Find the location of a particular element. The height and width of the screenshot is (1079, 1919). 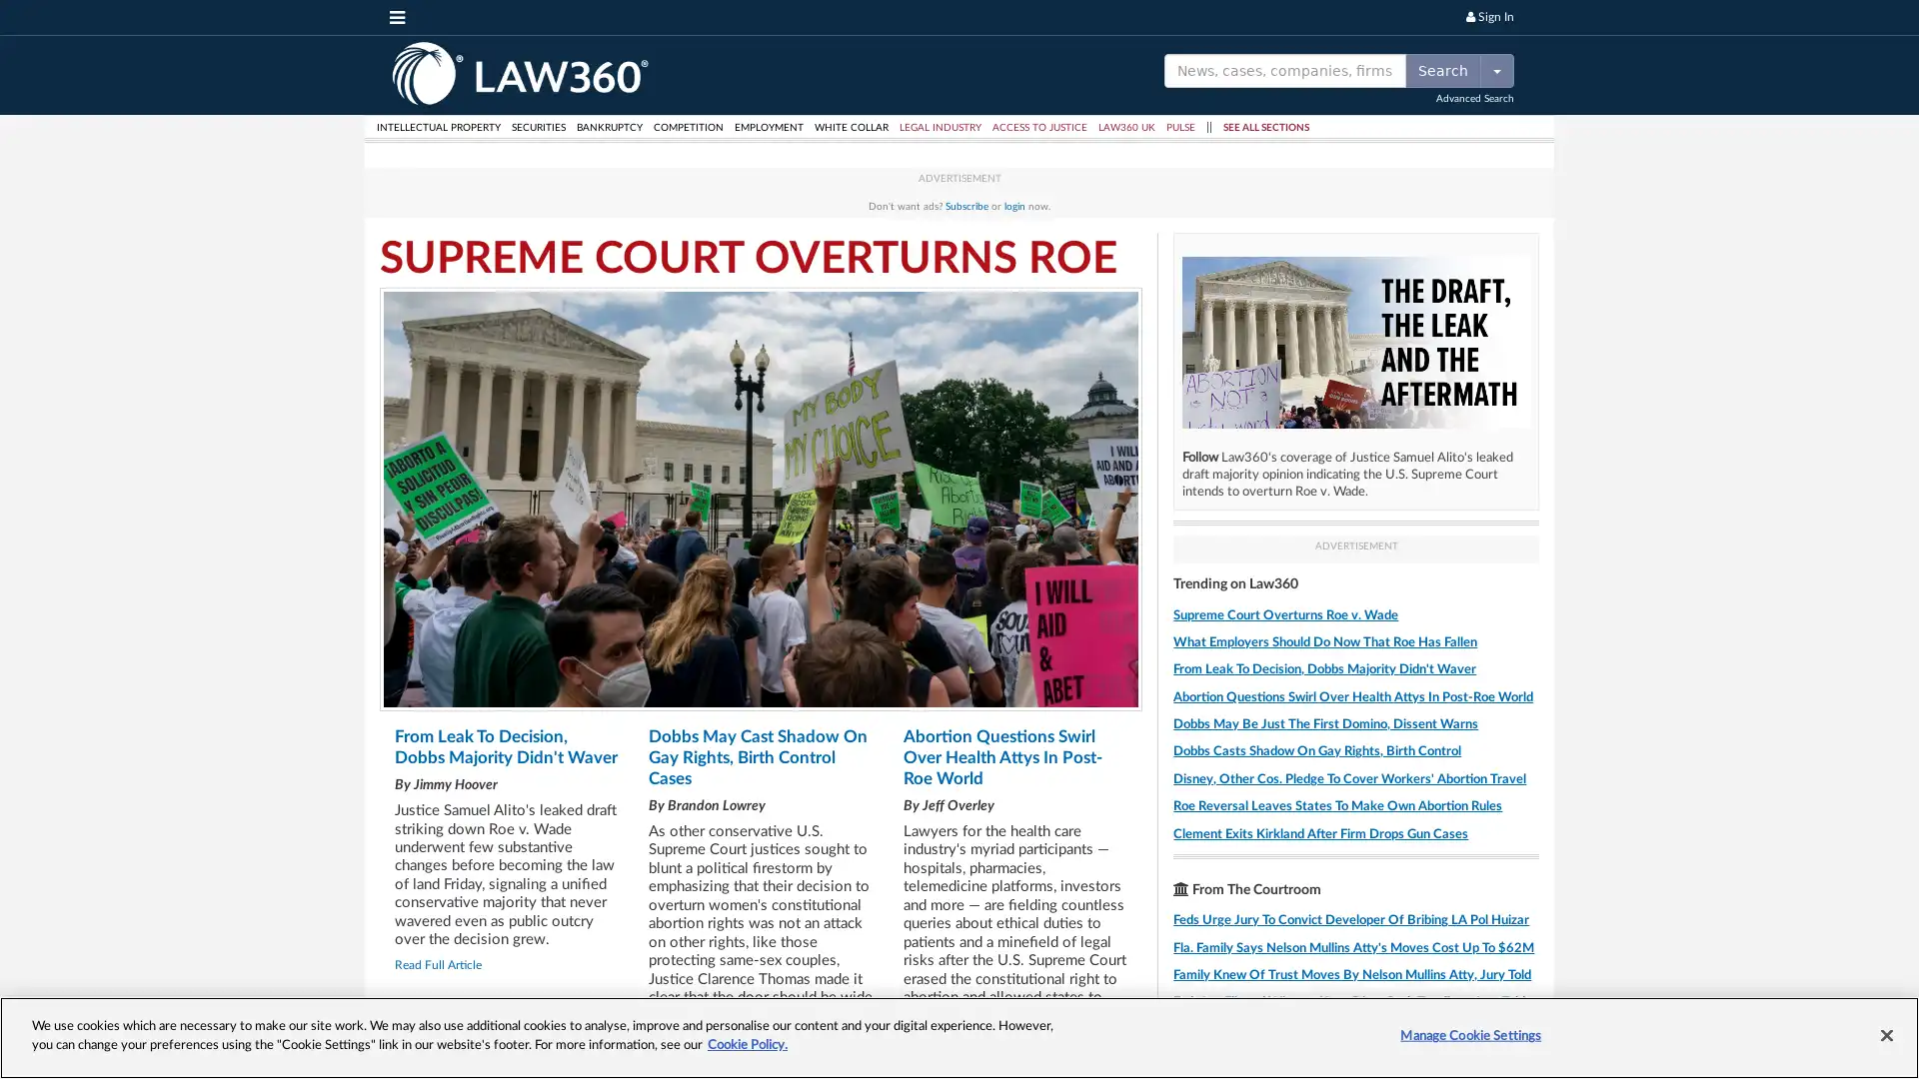

Manage Cookie Settings is located at coordinates (1470, 1035).